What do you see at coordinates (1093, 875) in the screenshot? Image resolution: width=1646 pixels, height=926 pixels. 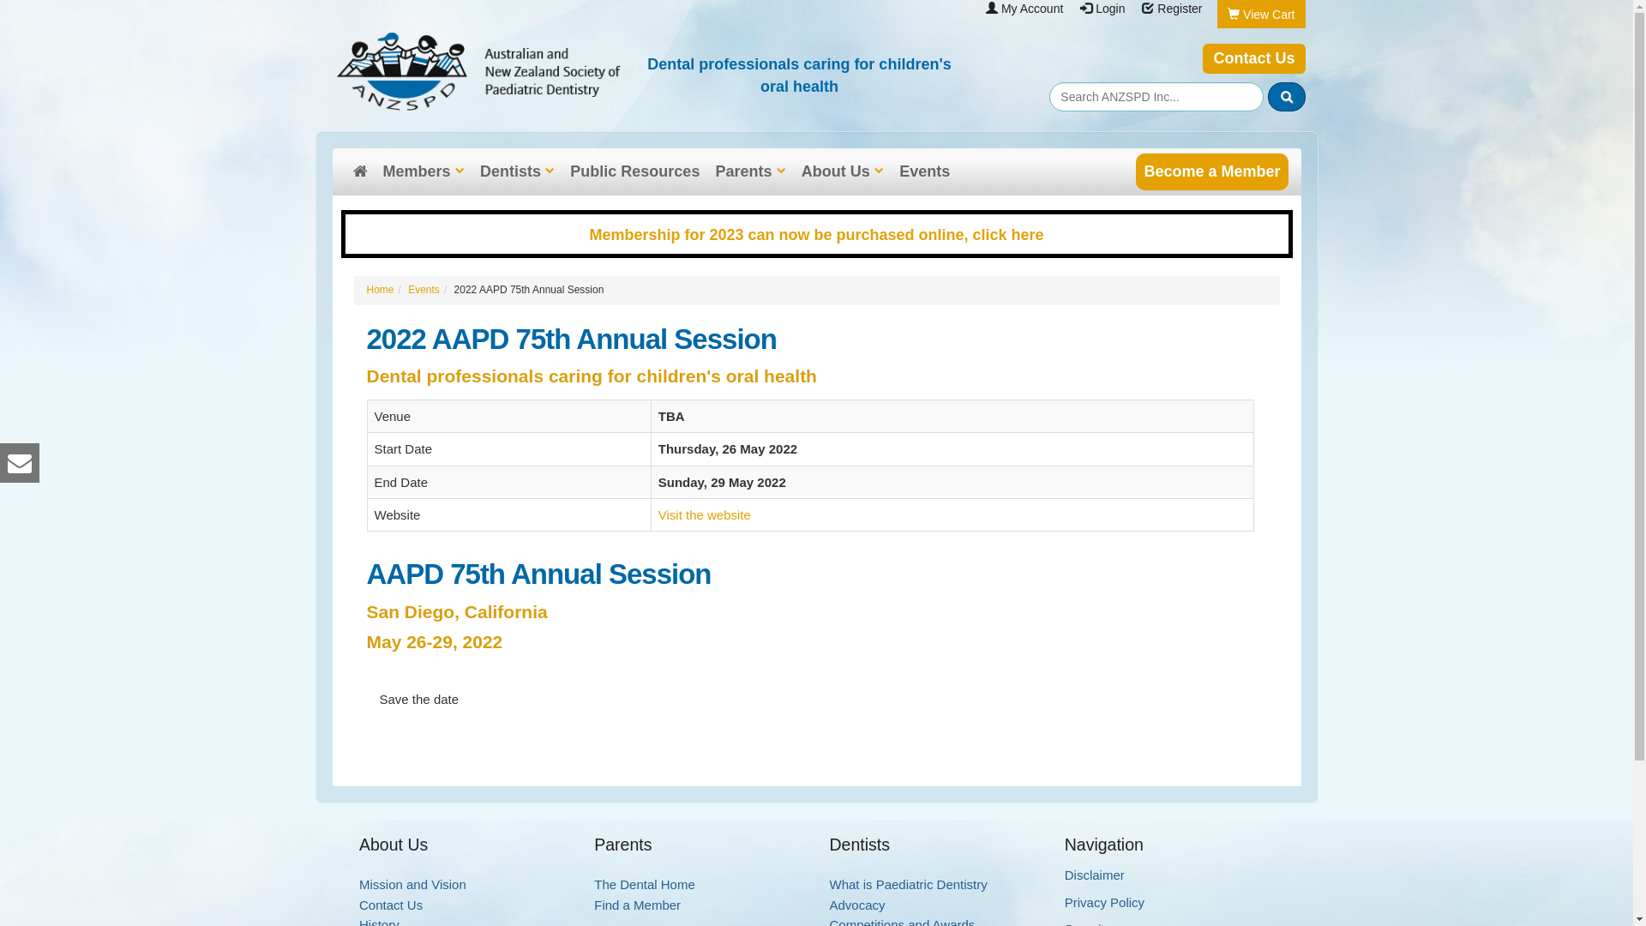 I see `'Disclaimer'` at bounding box center [1093, 875].